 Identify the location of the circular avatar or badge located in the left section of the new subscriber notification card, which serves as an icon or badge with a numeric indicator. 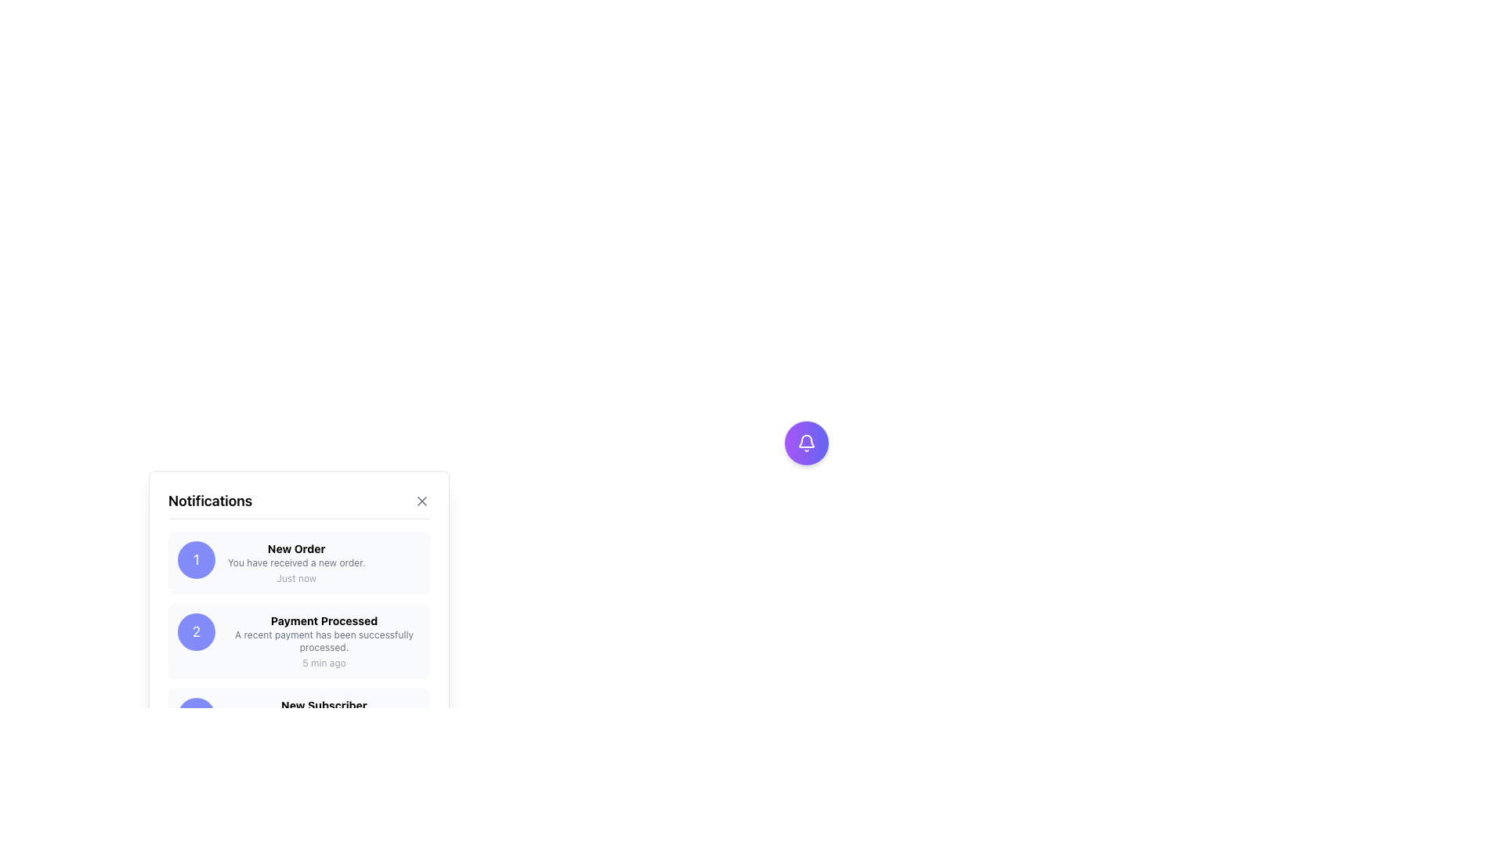
(195, 716).